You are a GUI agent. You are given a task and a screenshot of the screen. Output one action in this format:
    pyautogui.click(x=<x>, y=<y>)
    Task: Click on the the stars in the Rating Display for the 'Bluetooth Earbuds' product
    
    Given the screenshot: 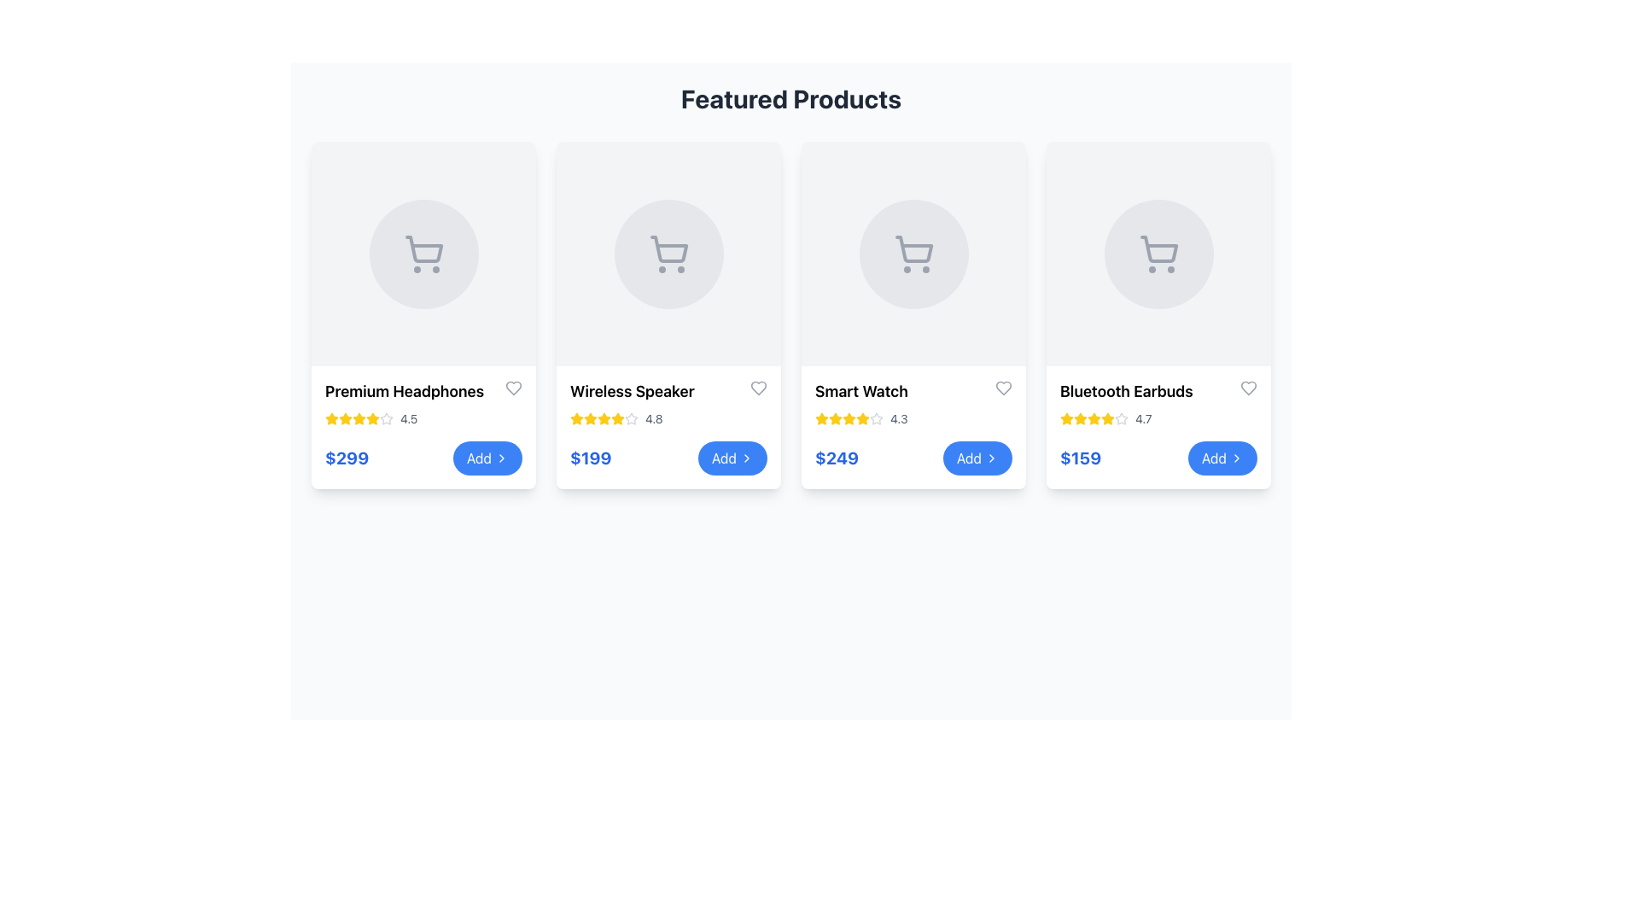 What is the action you would take?
    pyautogui.click(x=1158, y=418)
    